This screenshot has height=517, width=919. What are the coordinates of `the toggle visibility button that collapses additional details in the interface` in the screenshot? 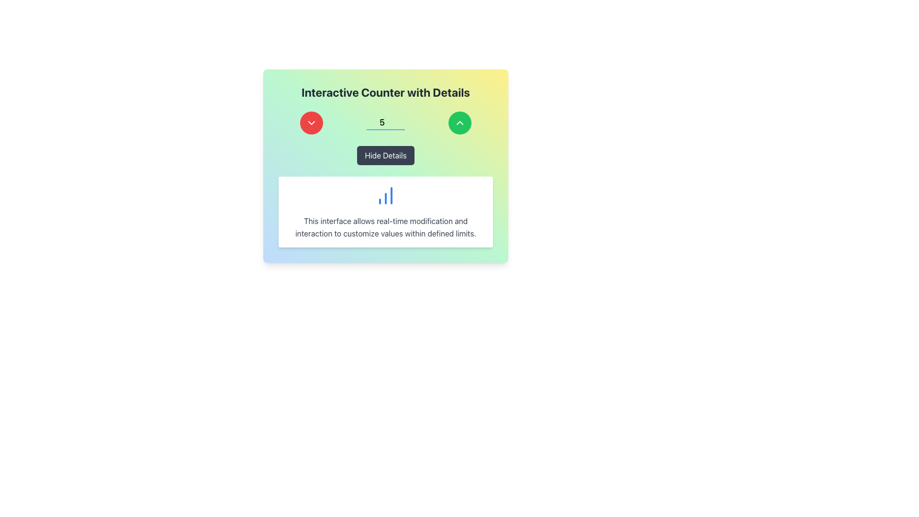 It's located at (386, 155).